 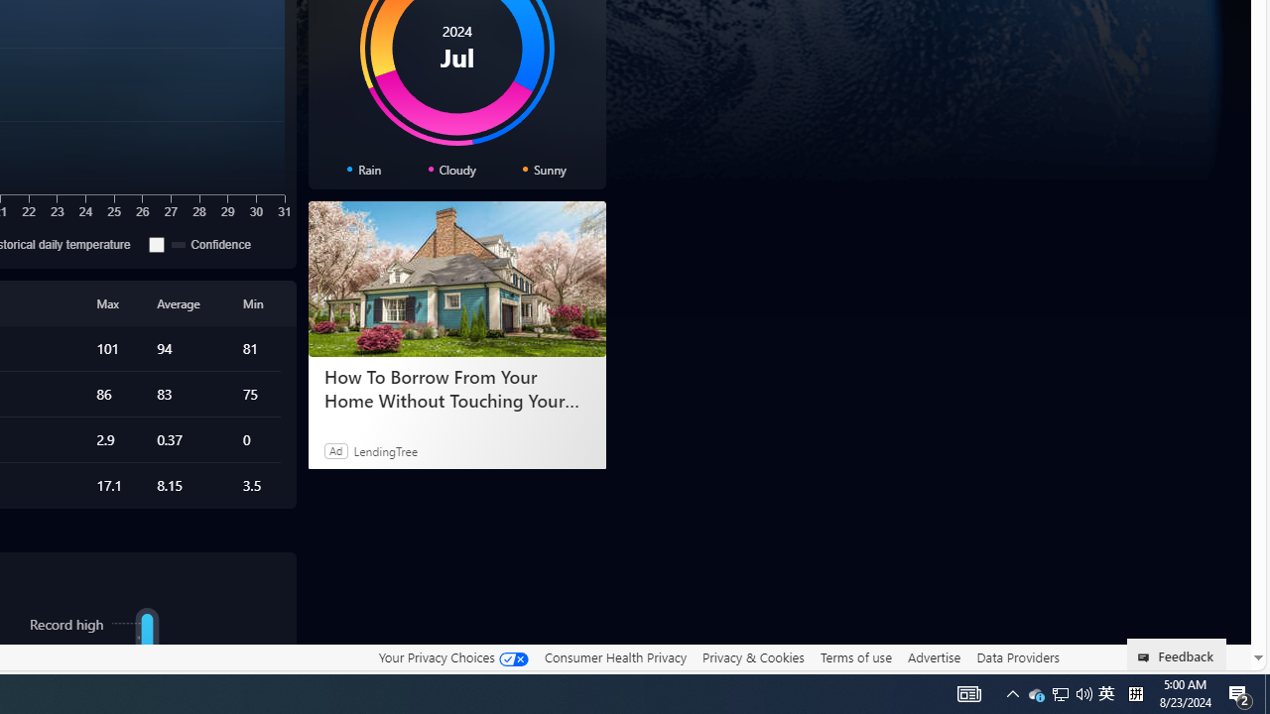 I want to click on 'Confidence', so click(x=156, y=243).